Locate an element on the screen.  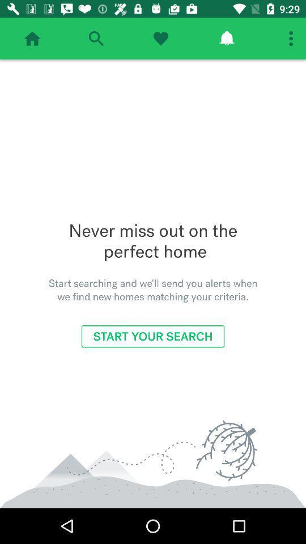
home page is located at coordinates (32, 39).